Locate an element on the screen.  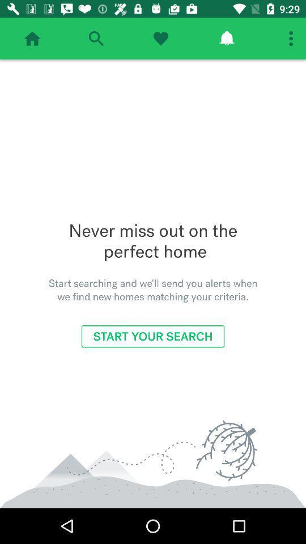
home page is located at coordinates (32, 39).